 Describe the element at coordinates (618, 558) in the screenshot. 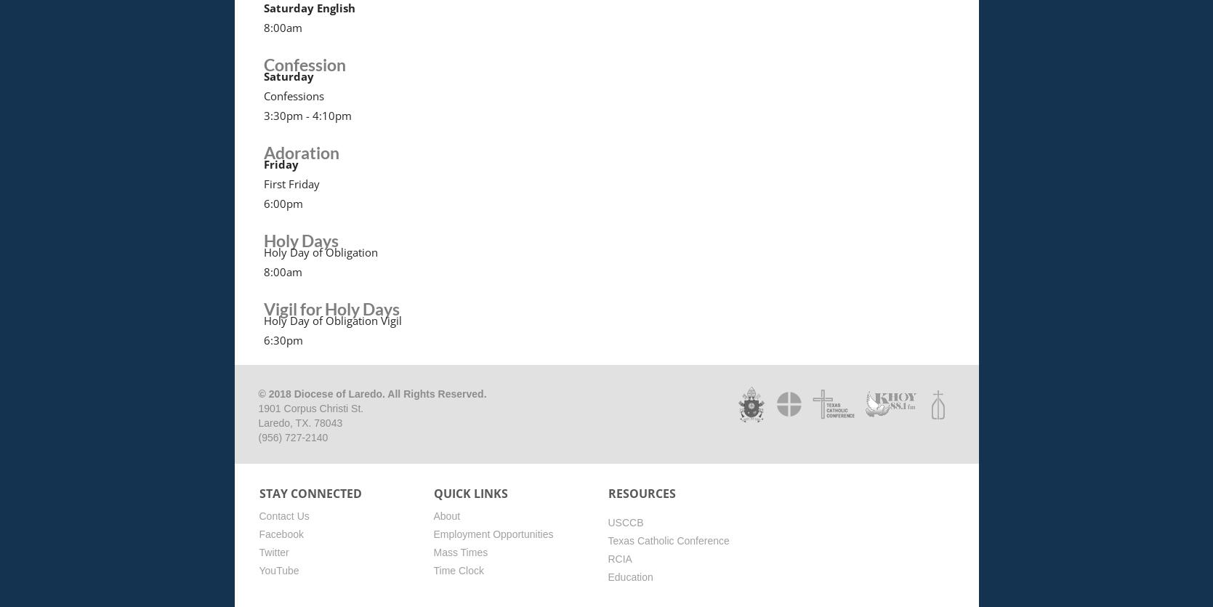

I see `'RCIA'` at that location.